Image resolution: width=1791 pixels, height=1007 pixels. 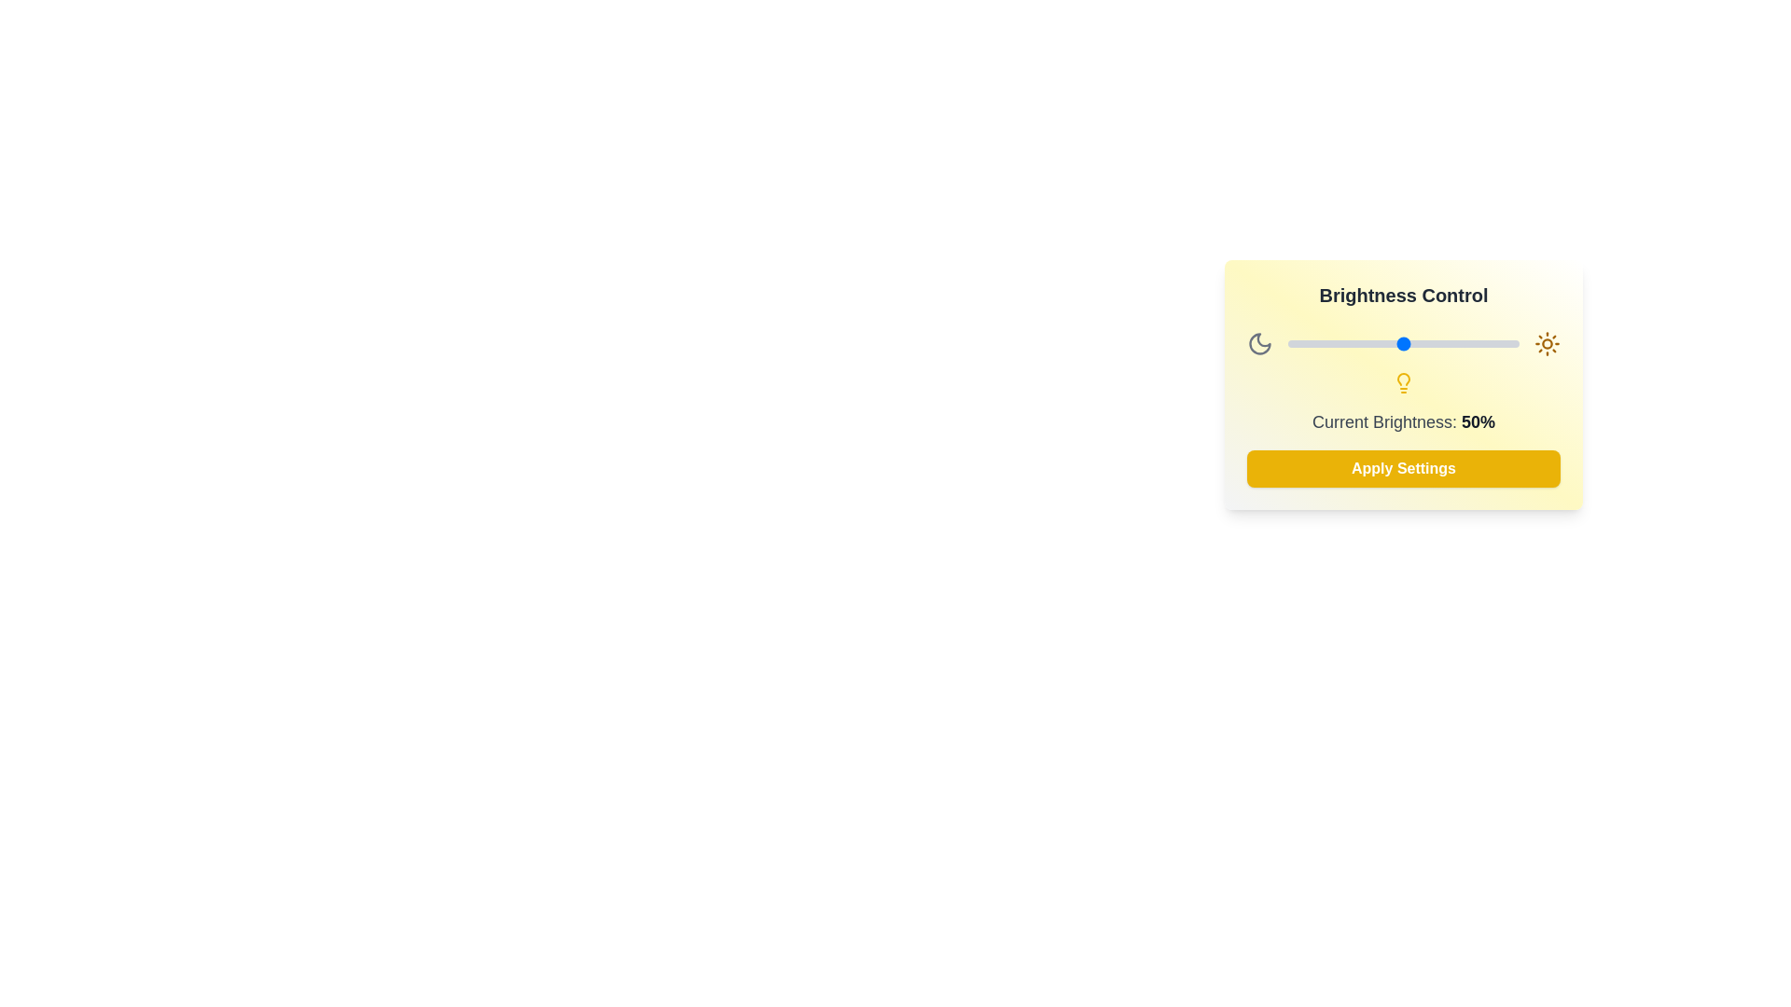 I want to click on the brightness slider to 54%, so click(x=1412, y=344).